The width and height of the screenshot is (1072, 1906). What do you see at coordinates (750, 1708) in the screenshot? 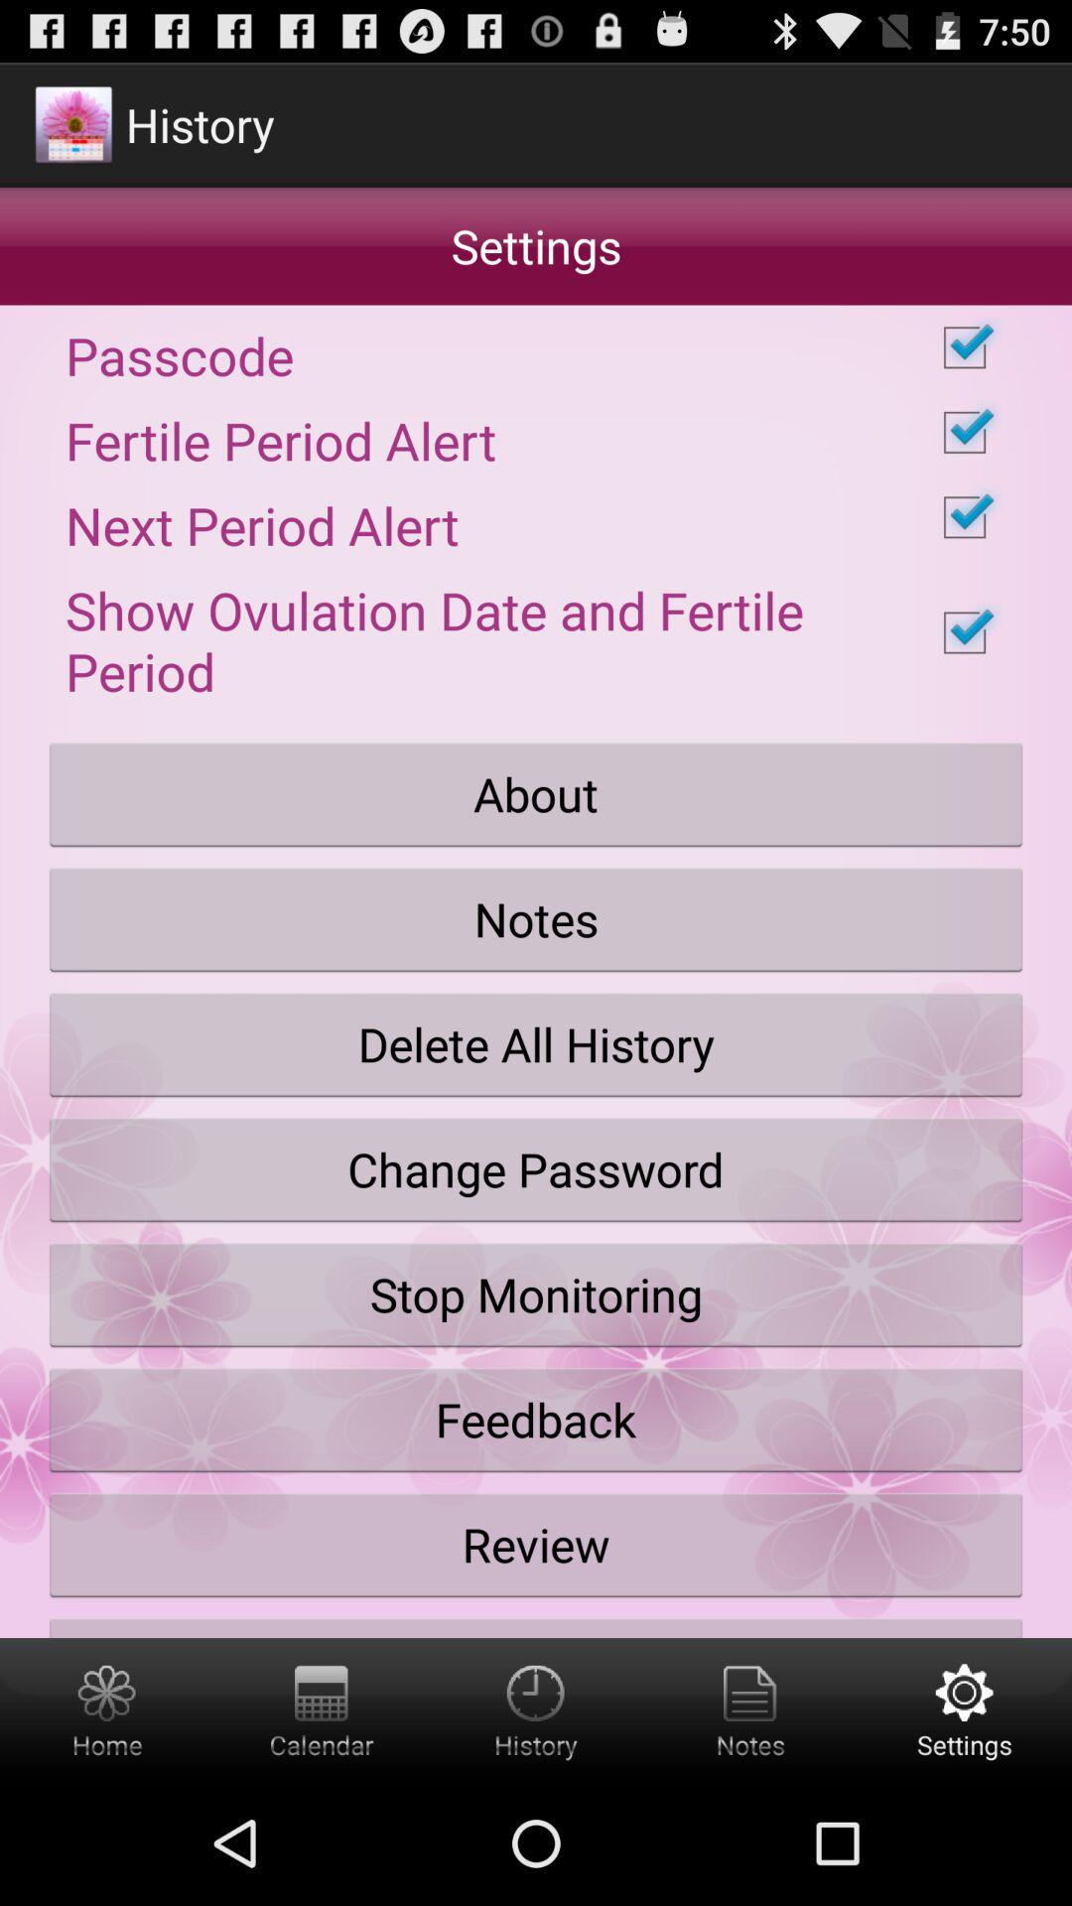
I see `notes page` at bounding box center [750, 1708].